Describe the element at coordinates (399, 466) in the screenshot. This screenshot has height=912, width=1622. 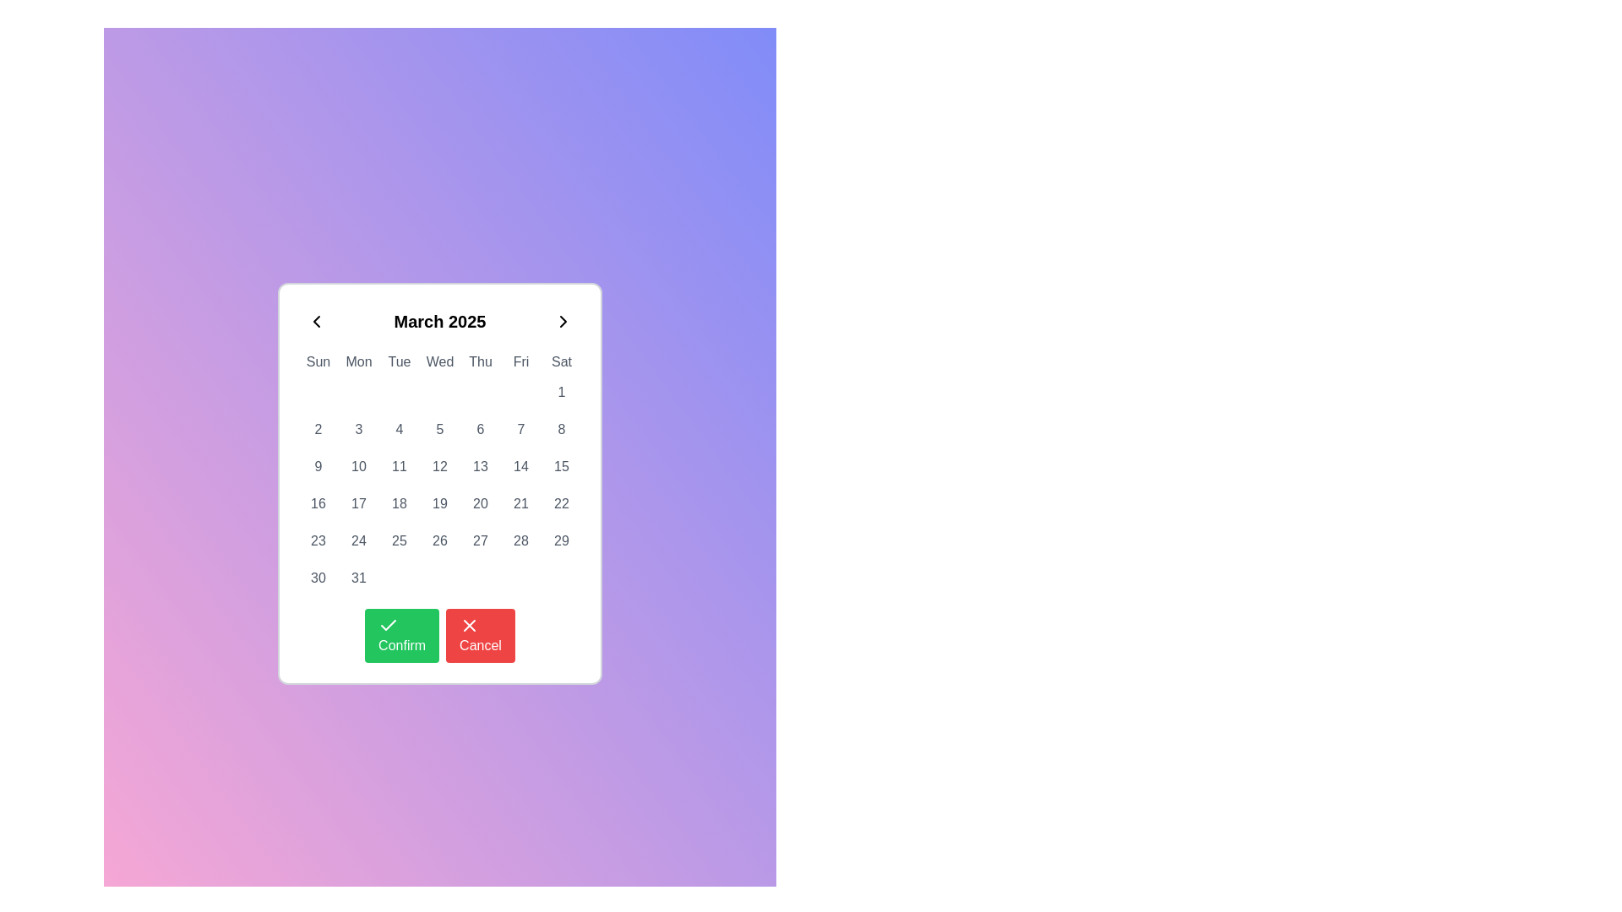
I see `the rounded rectangular button labeled '11' in the calendar grid under 'Wed'` at that location.